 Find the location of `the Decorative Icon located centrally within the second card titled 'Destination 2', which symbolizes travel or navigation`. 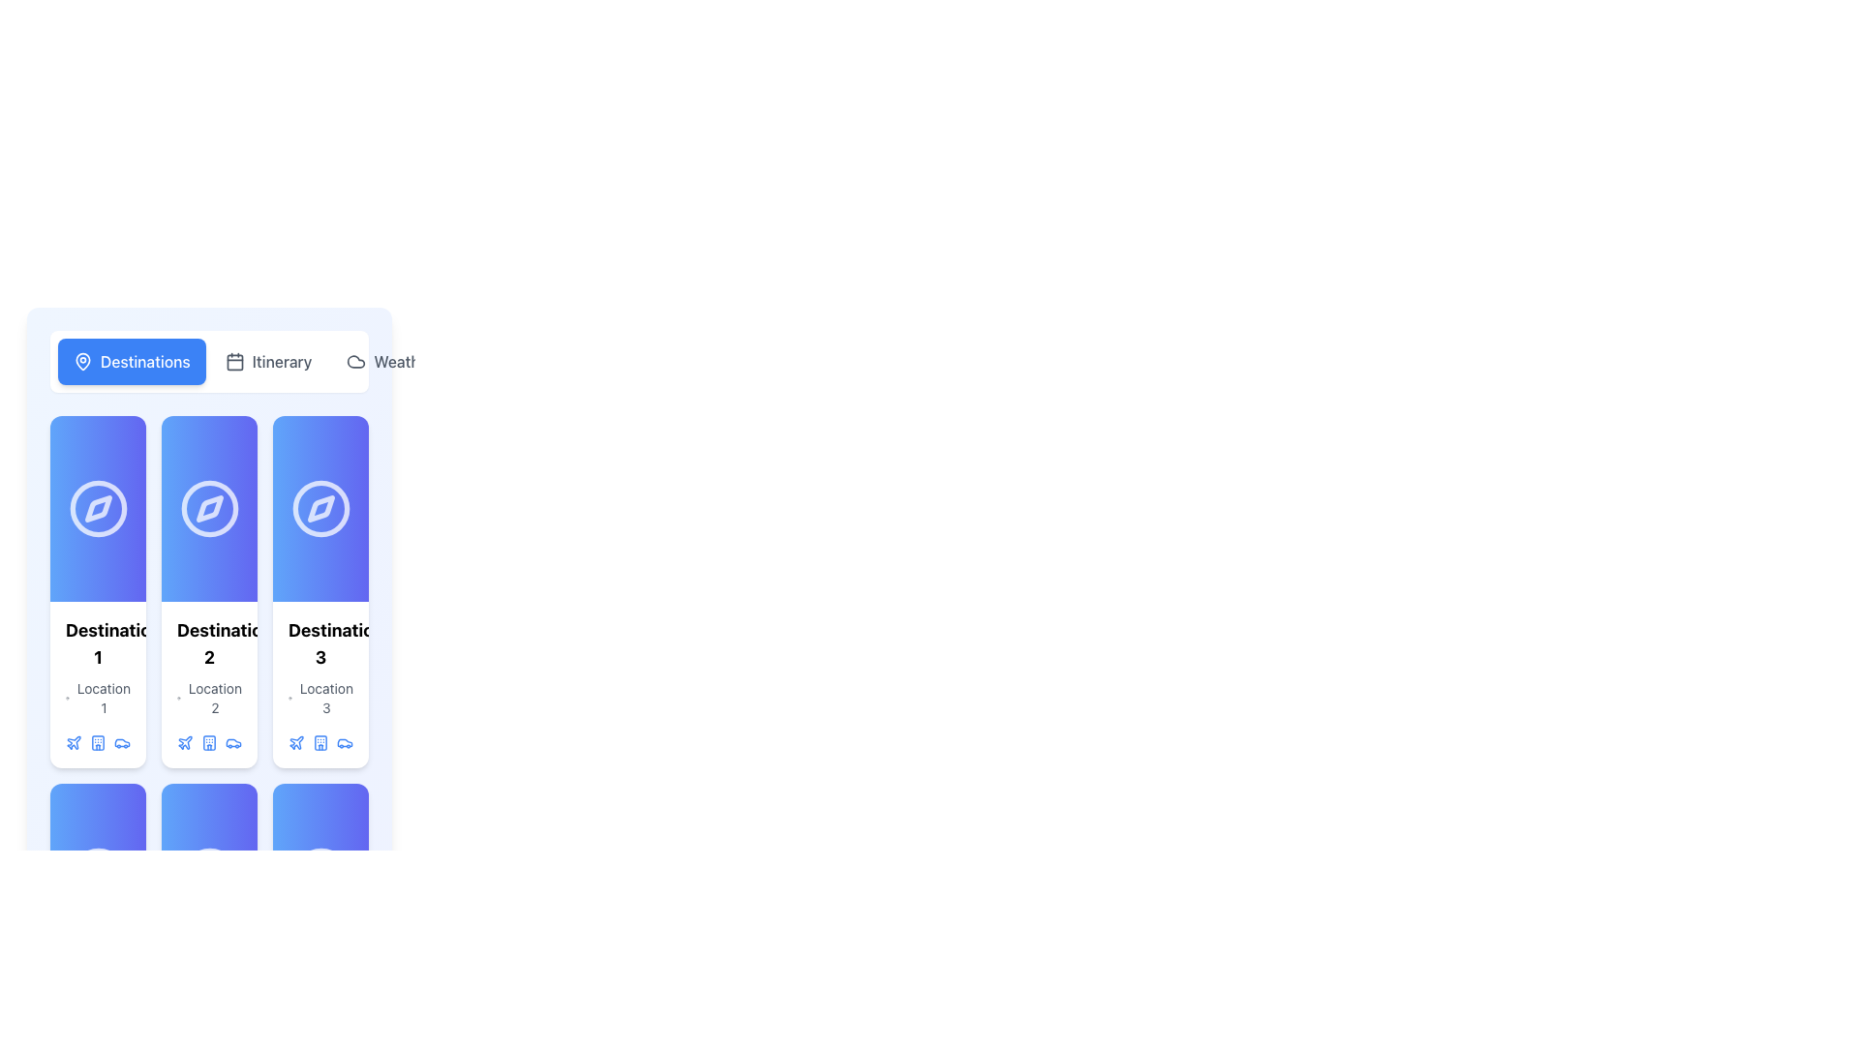

the Decorative Icon located centrally within the second card titled 'Destination 2', which symbolizes travel or navigation is located at coordinates (209, 507).